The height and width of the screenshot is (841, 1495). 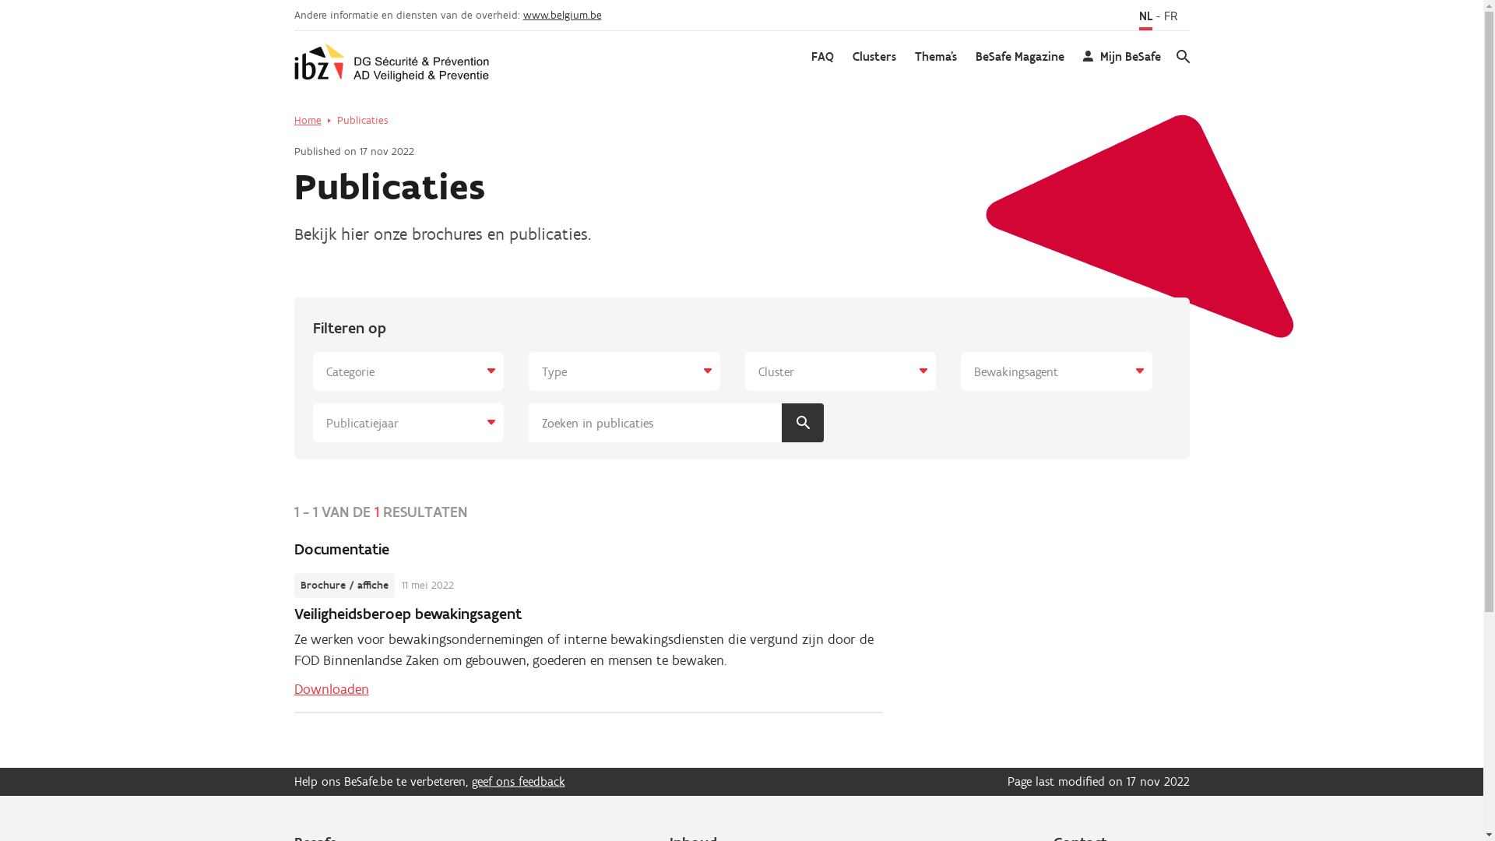 I want to click on 'Mijn BeSafe', so click(x=1121, y=56).